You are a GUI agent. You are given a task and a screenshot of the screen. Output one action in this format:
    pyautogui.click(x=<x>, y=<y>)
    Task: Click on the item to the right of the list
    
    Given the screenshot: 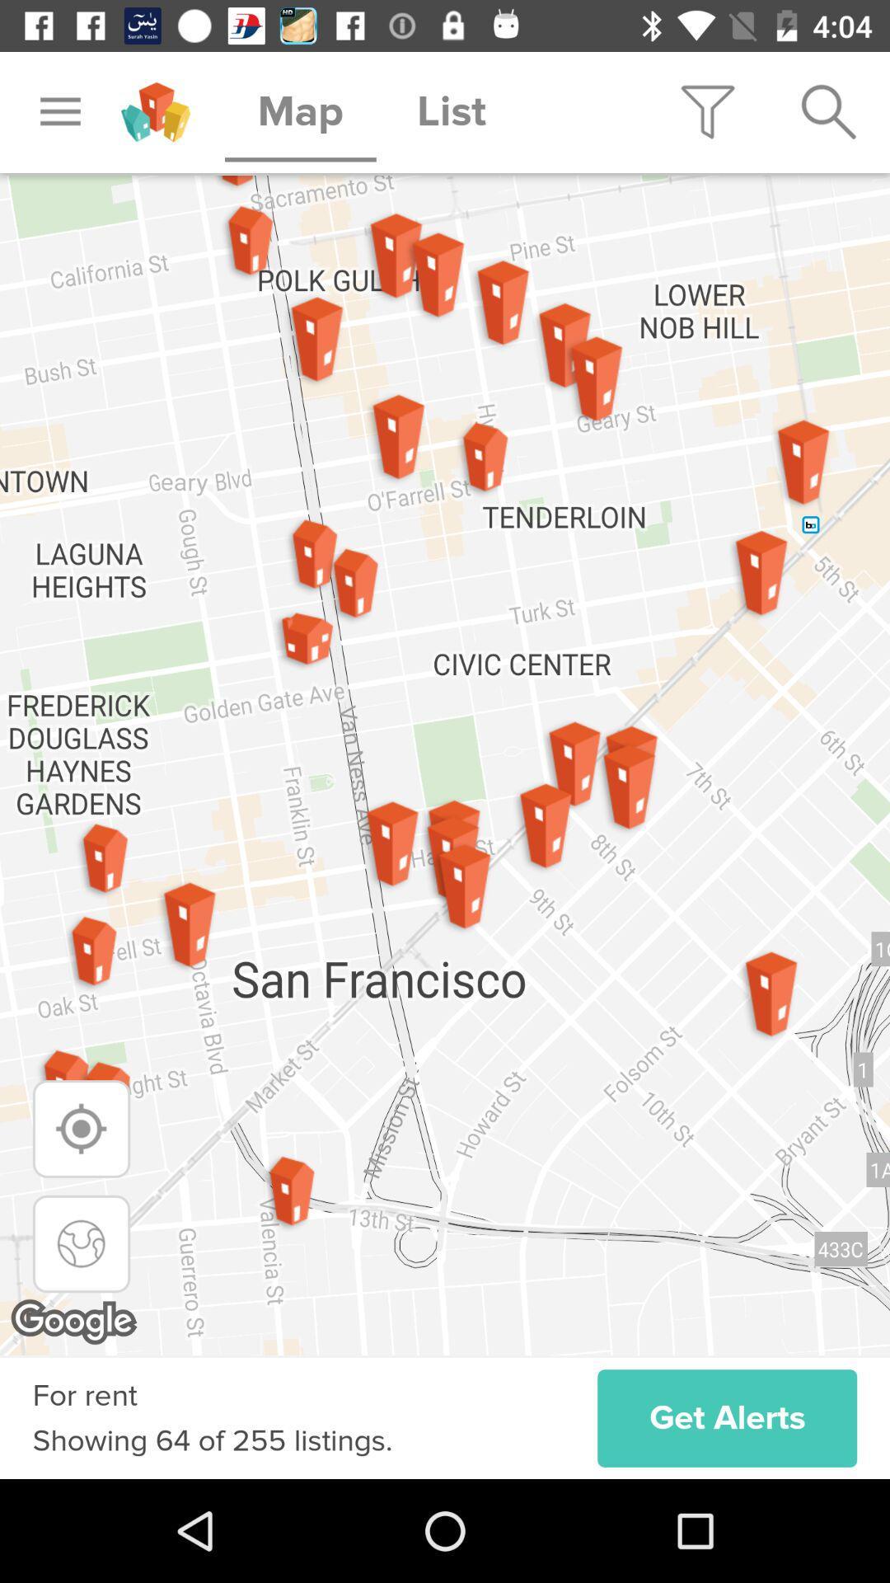 What is the action you would take?
    pyautogui.click(x=707, y=111)
    